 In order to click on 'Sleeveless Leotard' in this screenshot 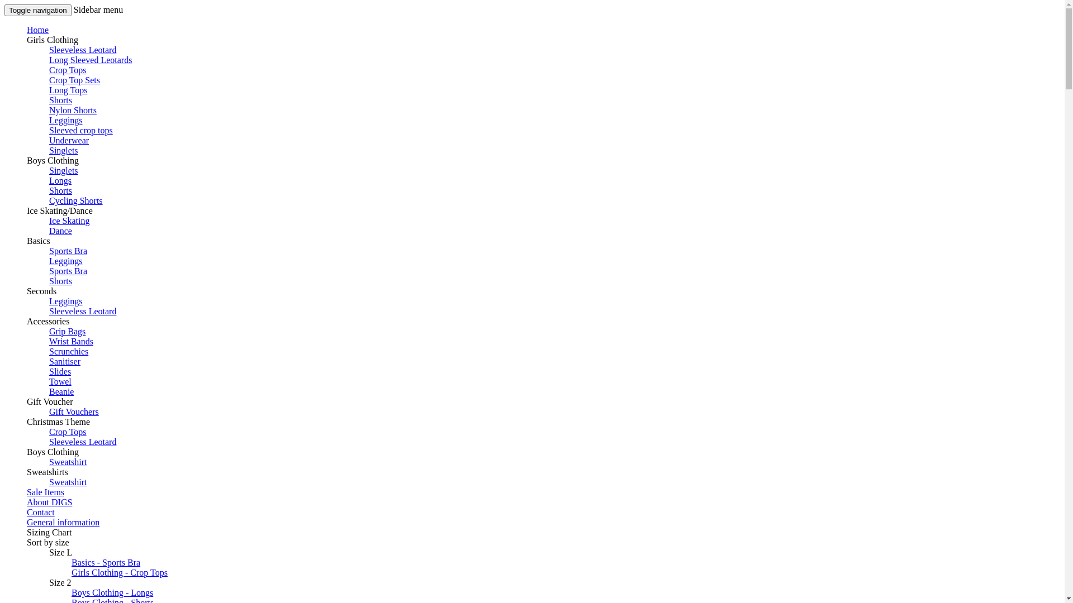, I will do `click(82, 441)`.